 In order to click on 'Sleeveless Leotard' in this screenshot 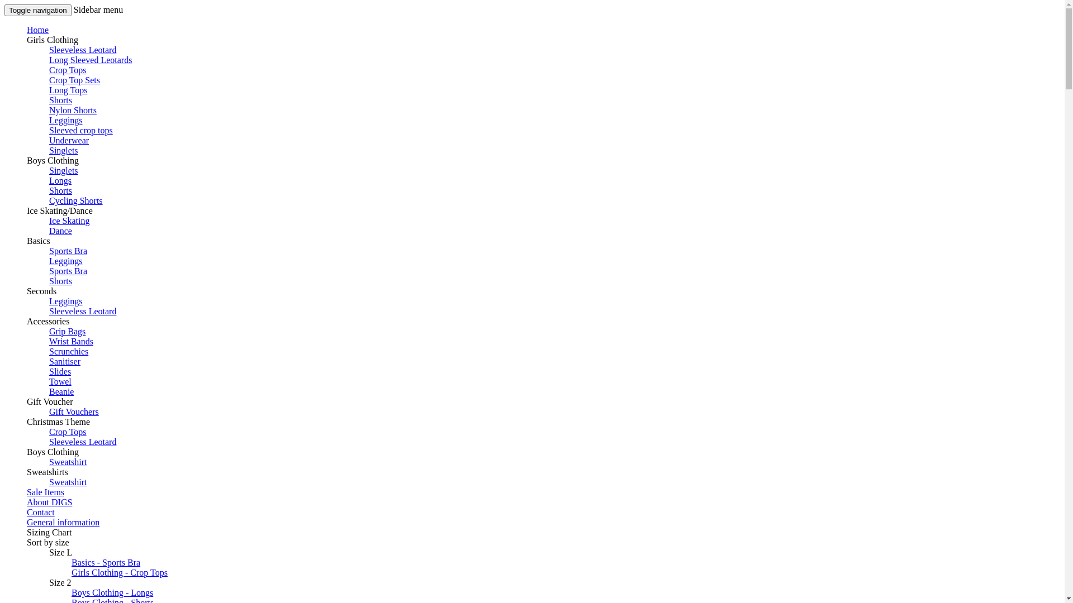, I will do `click(82, 441)`.